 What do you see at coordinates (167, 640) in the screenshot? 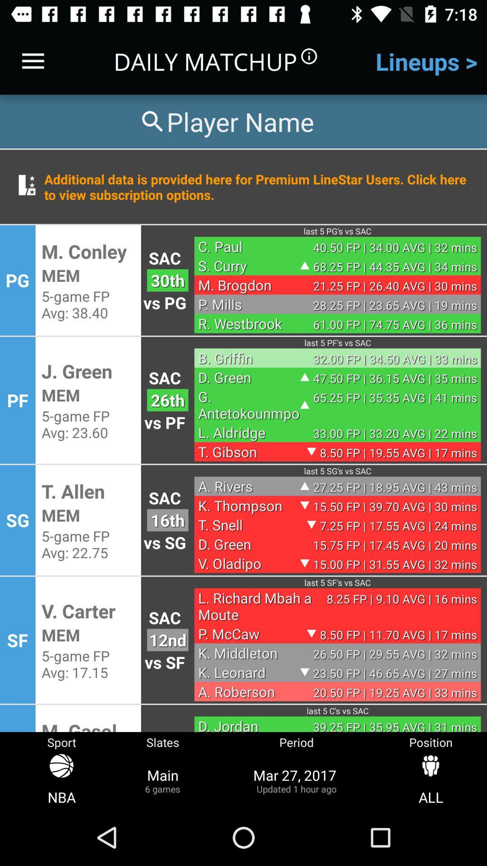
I see `icon below sac item` at bounding box center [167, 640].